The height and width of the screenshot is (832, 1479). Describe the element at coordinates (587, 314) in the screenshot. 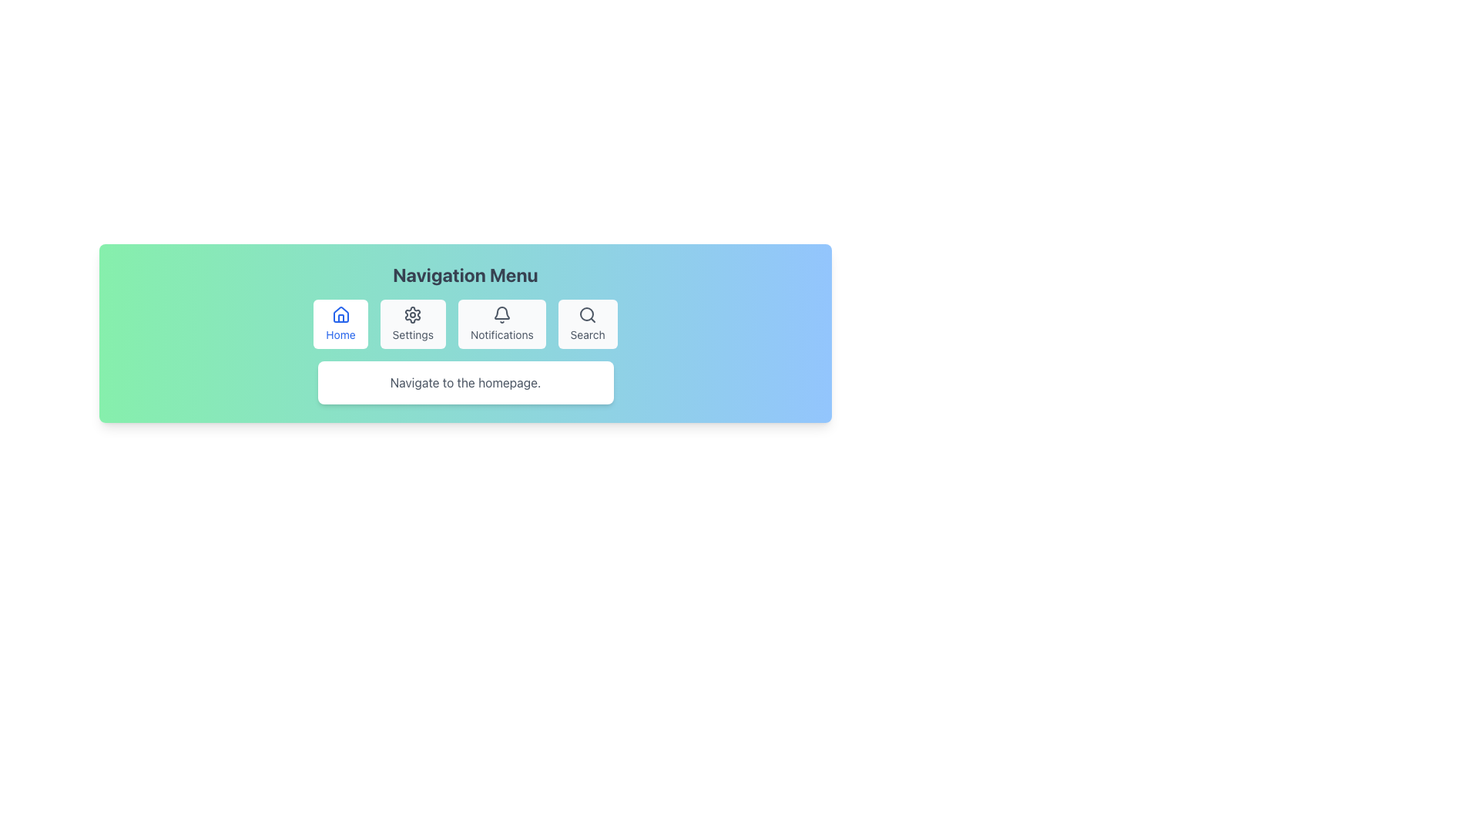

I see `the button labeled 'Search' which contains a magnifying glass icon, located in the fourth position of the horizontal navigation bar` at that location.